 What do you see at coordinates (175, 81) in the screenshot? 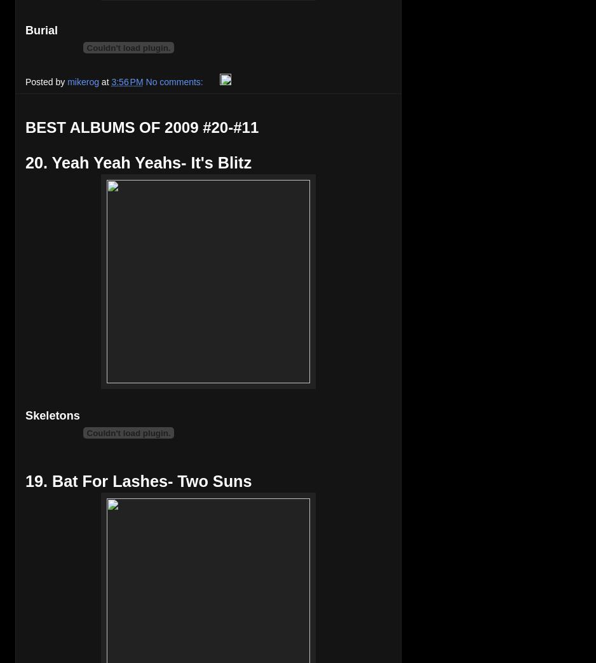
I see `'No comments:'` at bounding box center [175, 81].